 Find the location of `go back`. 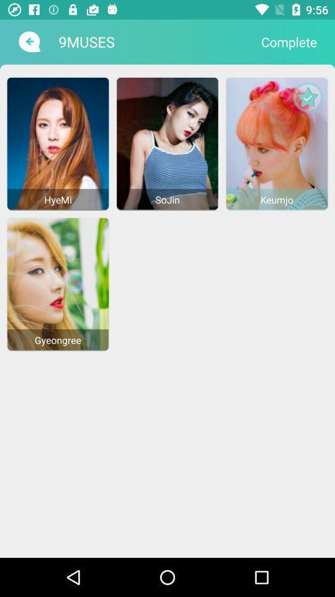

go back is located at coordinates (28, 42).